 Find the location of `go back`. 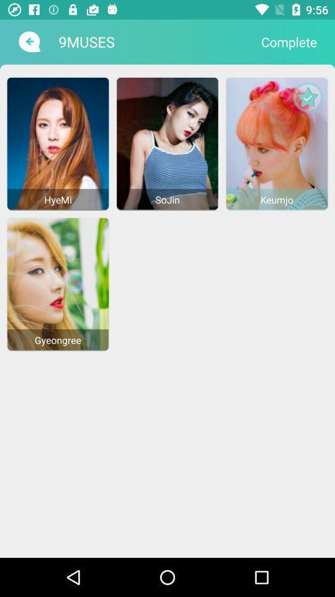

go back is located at coordinates (28, 42).